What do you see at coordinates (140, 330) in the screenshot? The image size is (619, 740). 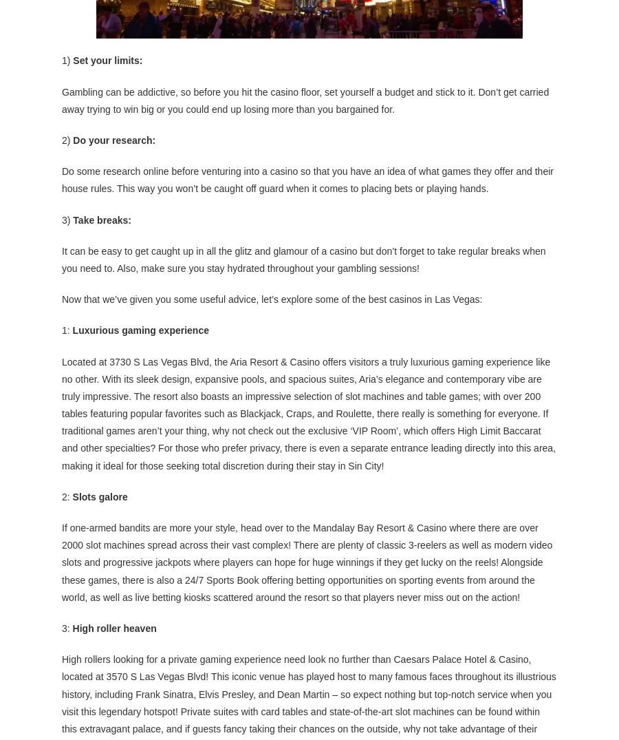 I see `'Luxurious gaming experience'` at bounding box center [140, 330].